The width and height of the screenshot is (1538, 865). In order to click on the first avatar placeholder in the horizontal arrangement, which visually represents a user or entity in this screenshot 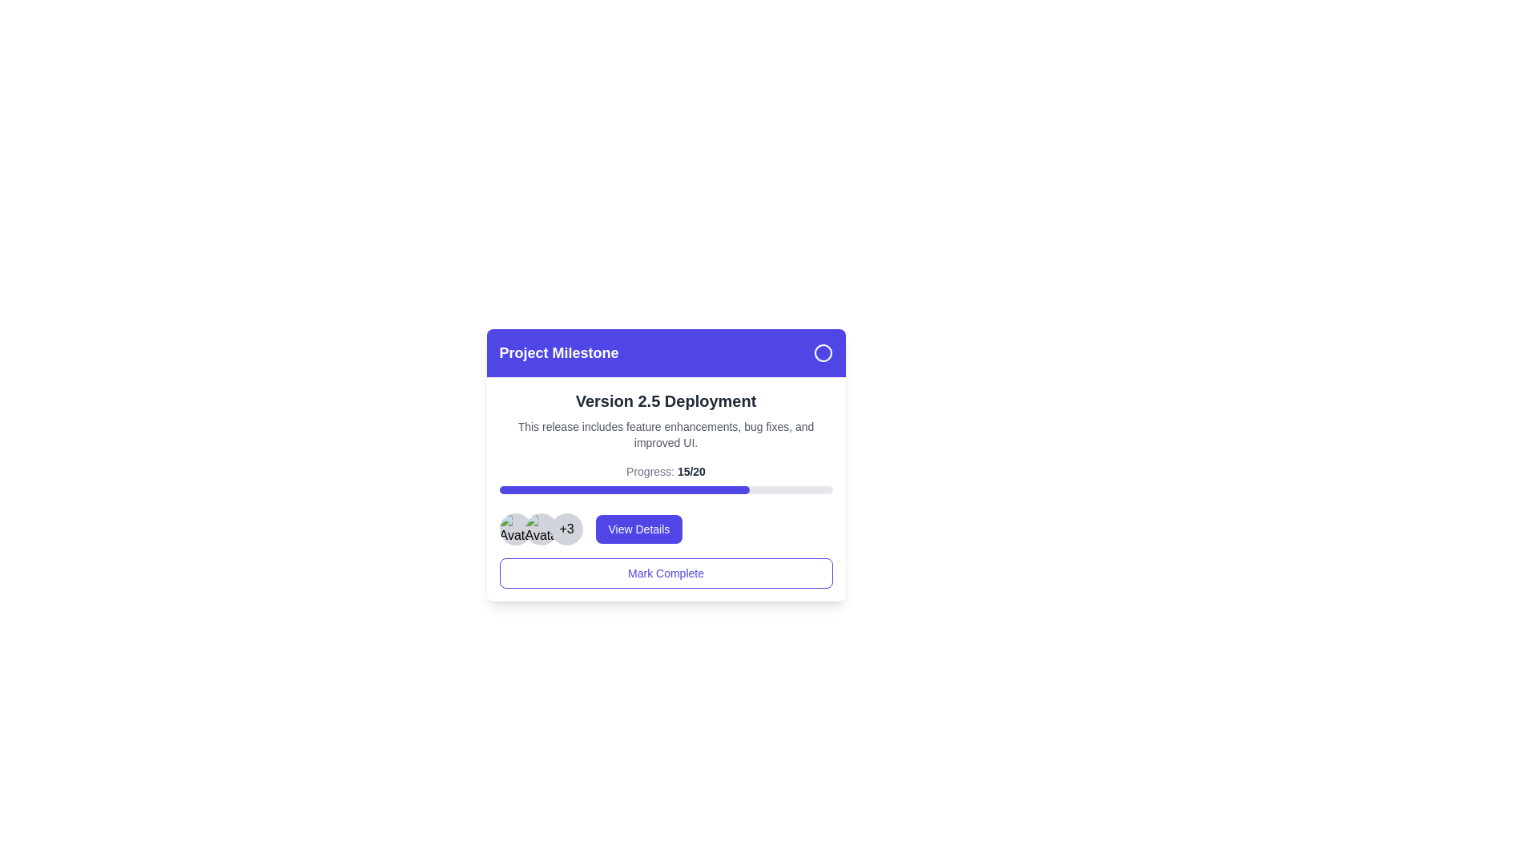, I will do `click(515, 529)`.